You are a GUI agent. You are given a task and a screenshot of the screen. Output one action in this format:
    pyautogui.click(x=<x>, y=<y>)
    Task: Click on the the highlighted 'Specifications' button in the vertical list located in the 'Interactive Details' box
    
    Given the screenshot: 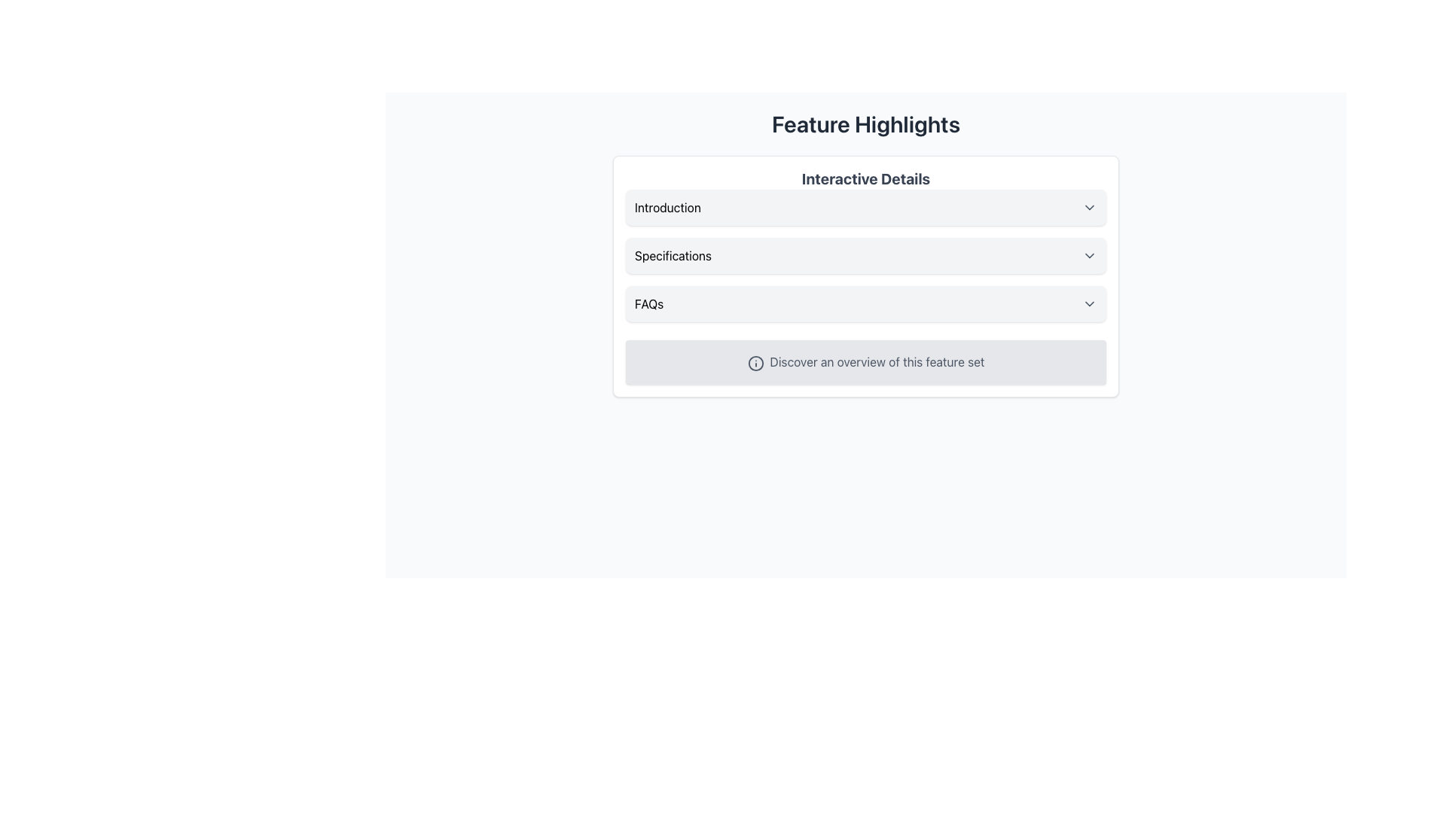 What is the action you would take?
    pyautogui.click(x=866, y=254)
    